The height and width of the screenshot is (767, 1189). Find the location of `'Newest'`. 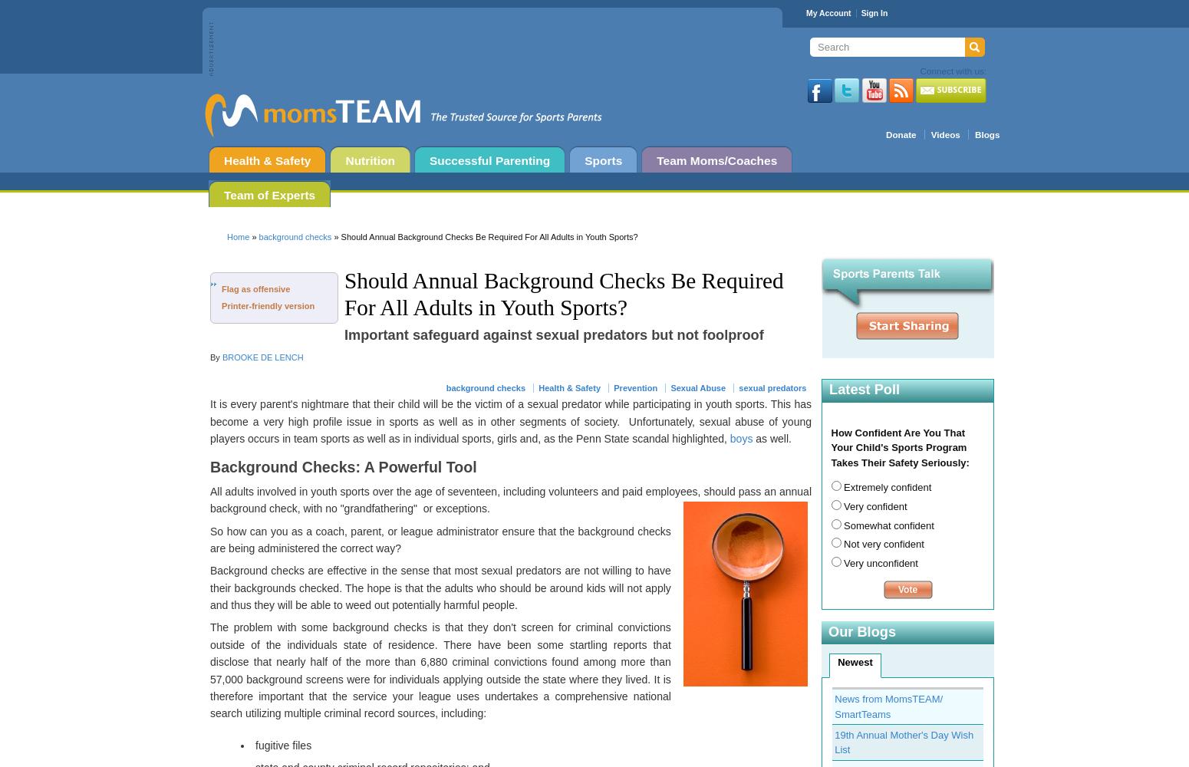

'Newest' is located at coordinates (854, 661).